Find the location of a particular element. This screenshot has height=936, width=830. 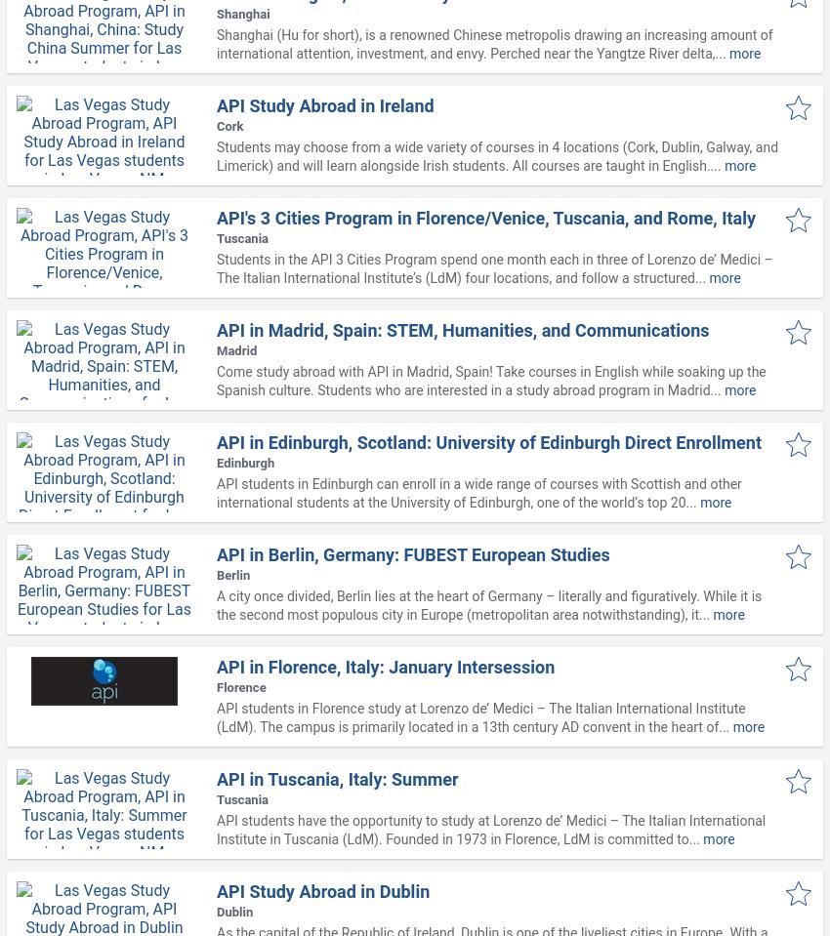

'API in Madrid, Spain: STEM, Humanities, and Communications' is located at coordinates (462, 329).